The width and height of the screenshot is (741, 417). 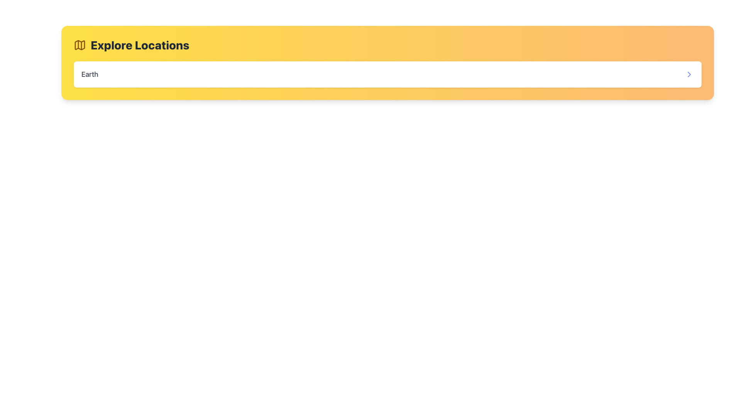 I want to click on the chevron icon located at the right-hand side of the horizontal search bar, which serves as a navigation indicator for proceeding forward, so click(x=689, y=74).